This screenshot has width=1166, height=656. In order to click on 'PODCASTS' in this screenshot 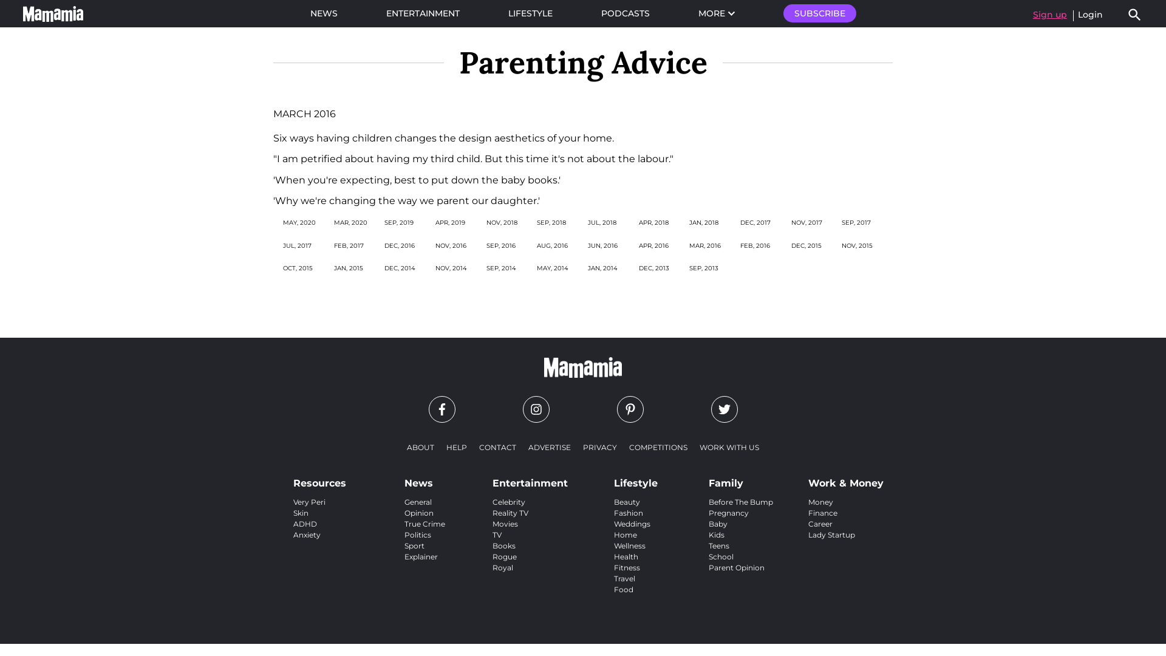, I will do `click(626, 13)`.